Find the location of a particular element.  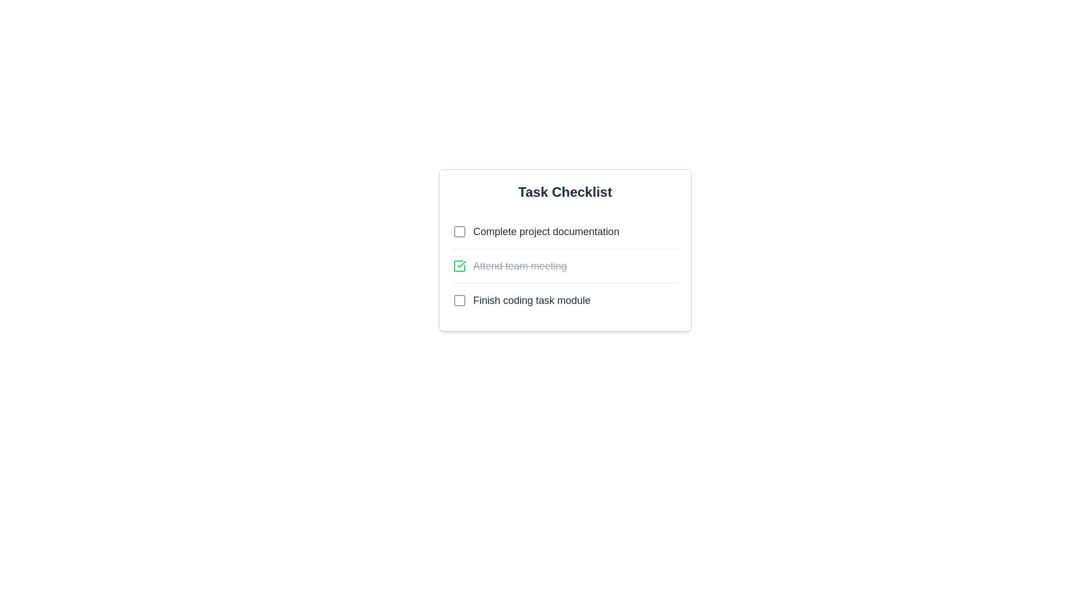

the checkmark icon in the checklist is located at coordinates (461, 264).